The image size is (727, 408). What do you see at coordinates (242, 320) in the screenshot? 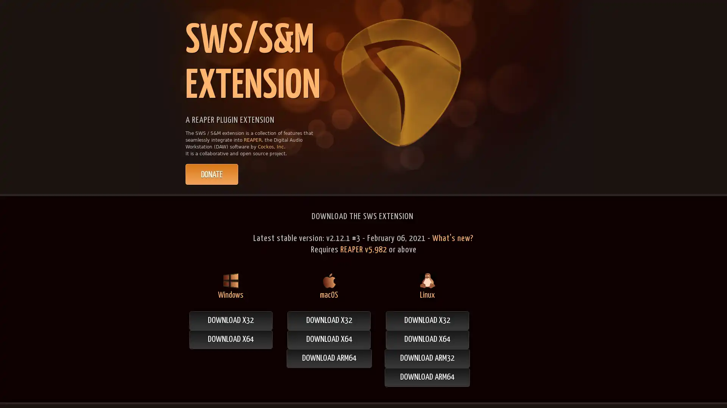
I see `DOWNLOAD X32` at bounding box center [242, 320].